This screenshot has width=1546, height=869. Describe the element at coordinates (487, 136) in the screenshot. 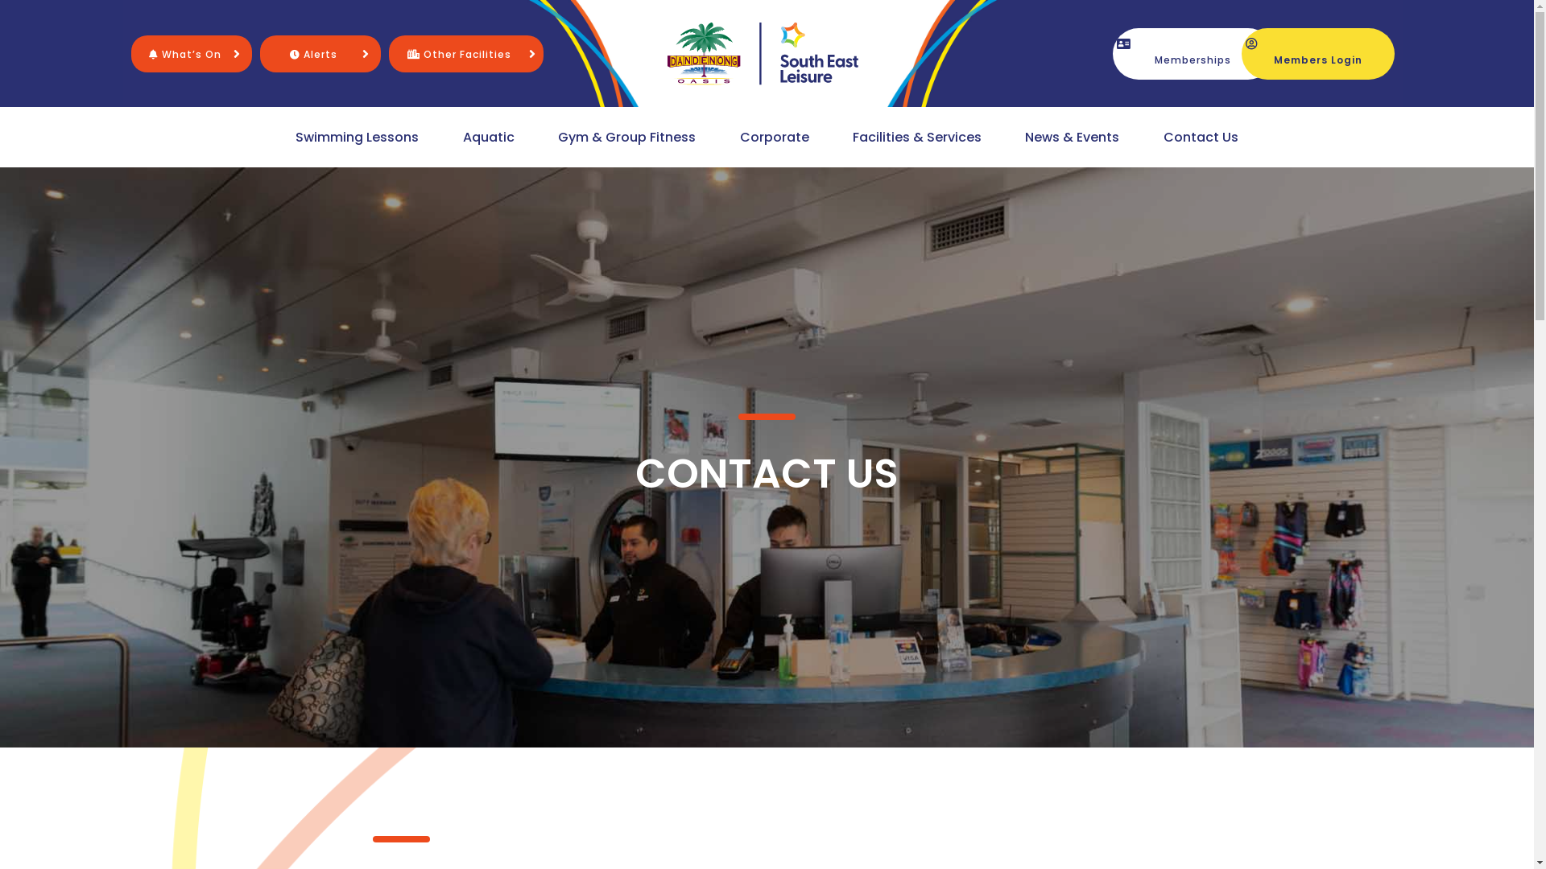

I see `'Aquatic'` at that location.